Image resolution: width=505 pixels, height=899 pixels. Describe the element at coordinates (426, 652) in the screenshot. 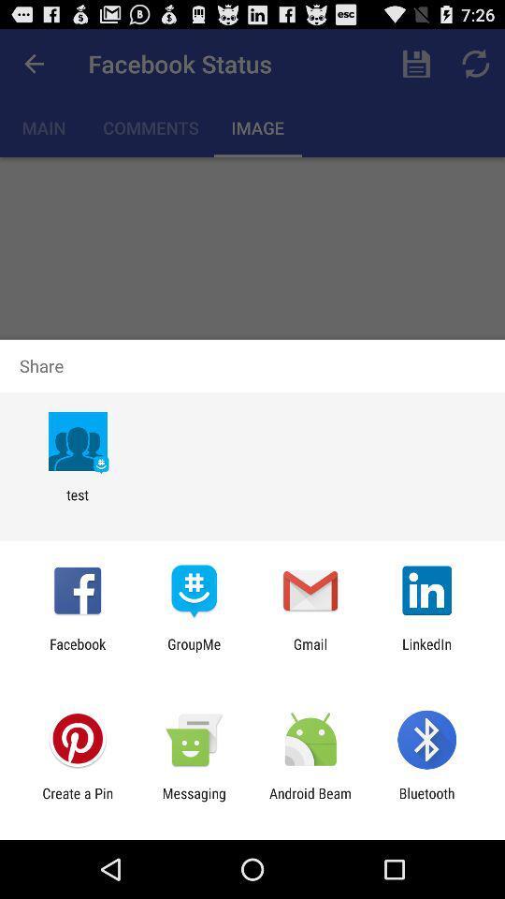

I see `the icon to the right of the gmail icon` at that location.